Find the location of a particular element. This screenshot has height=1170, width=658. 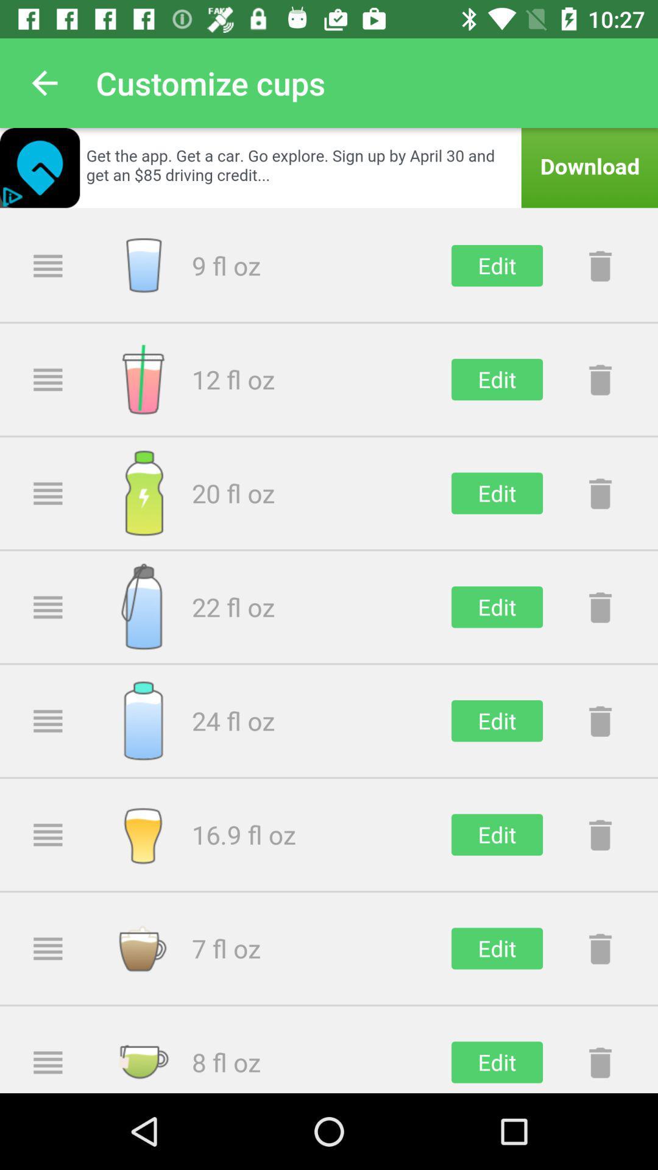

delete this row is located at coordinates (600, 721).